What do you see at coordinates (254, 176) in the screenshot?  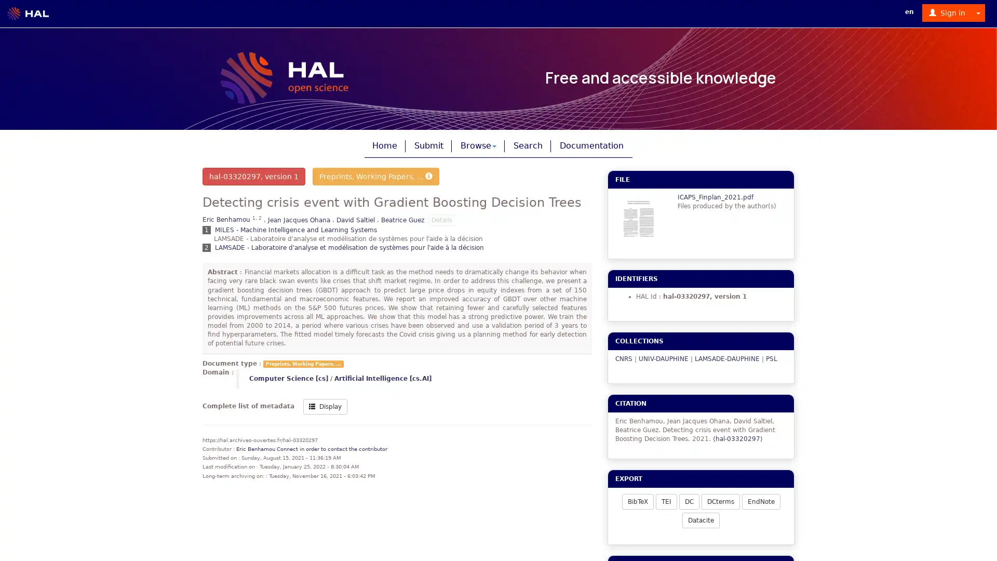 I see `hal-03320297, version 1` at bounding box center [254, 176].